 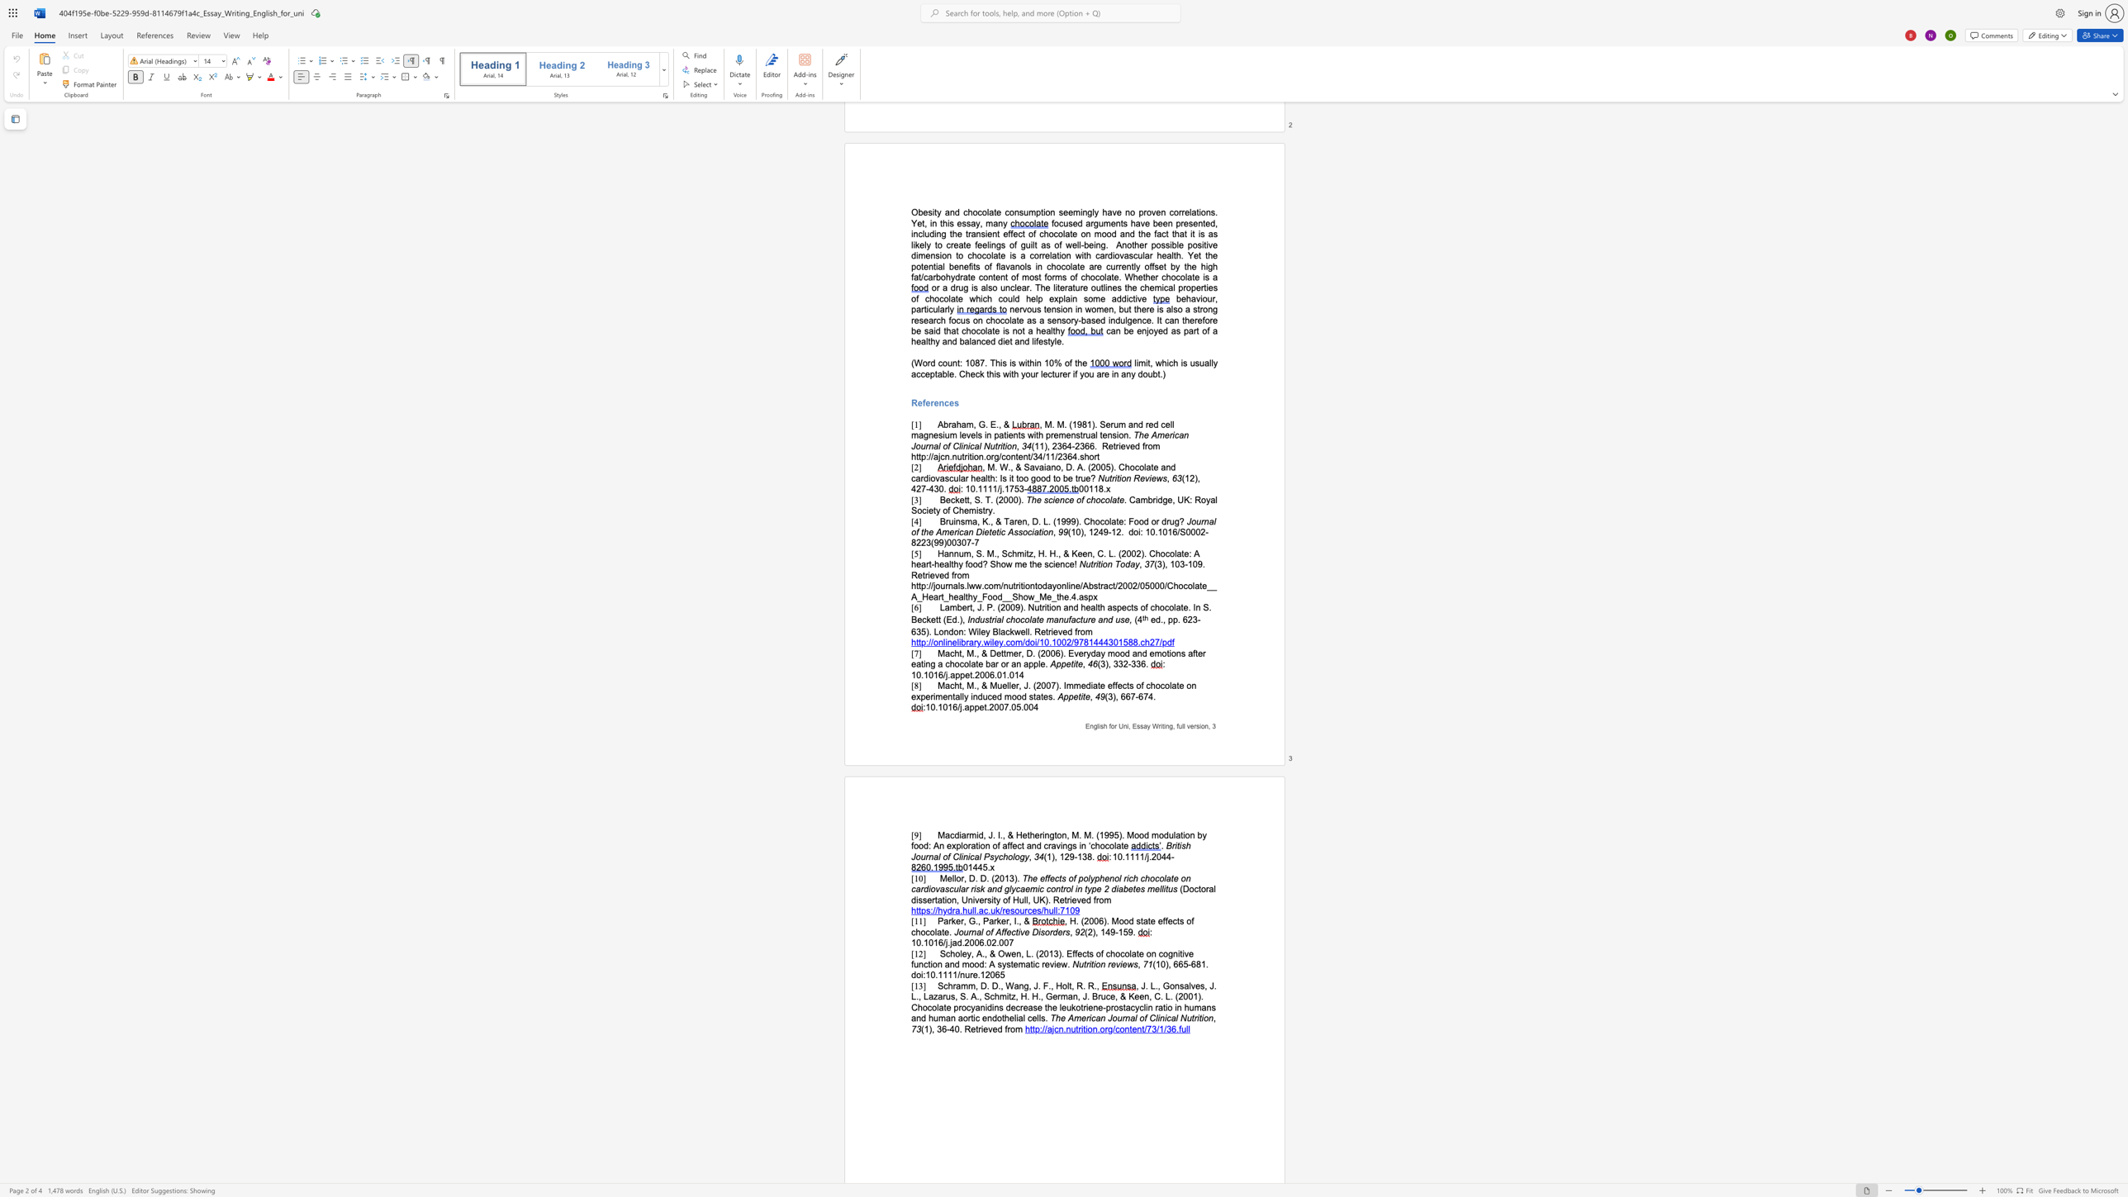 What do you see at coordinates (1090, 964) in the screenshot?
I see `the subset text "tion reviews" within the text "Nutrition reviews"` at bounding box center [1090, 964].